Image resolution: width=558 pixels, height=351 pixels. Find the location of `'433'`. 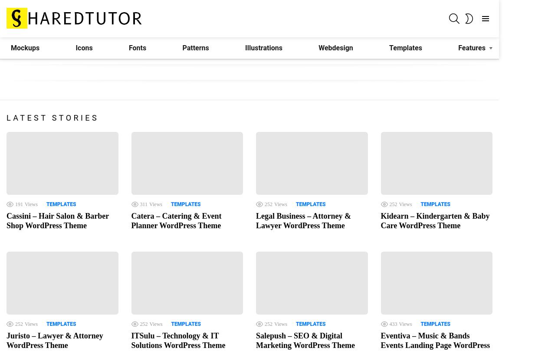

'433' is located at coordinates (393, 323).